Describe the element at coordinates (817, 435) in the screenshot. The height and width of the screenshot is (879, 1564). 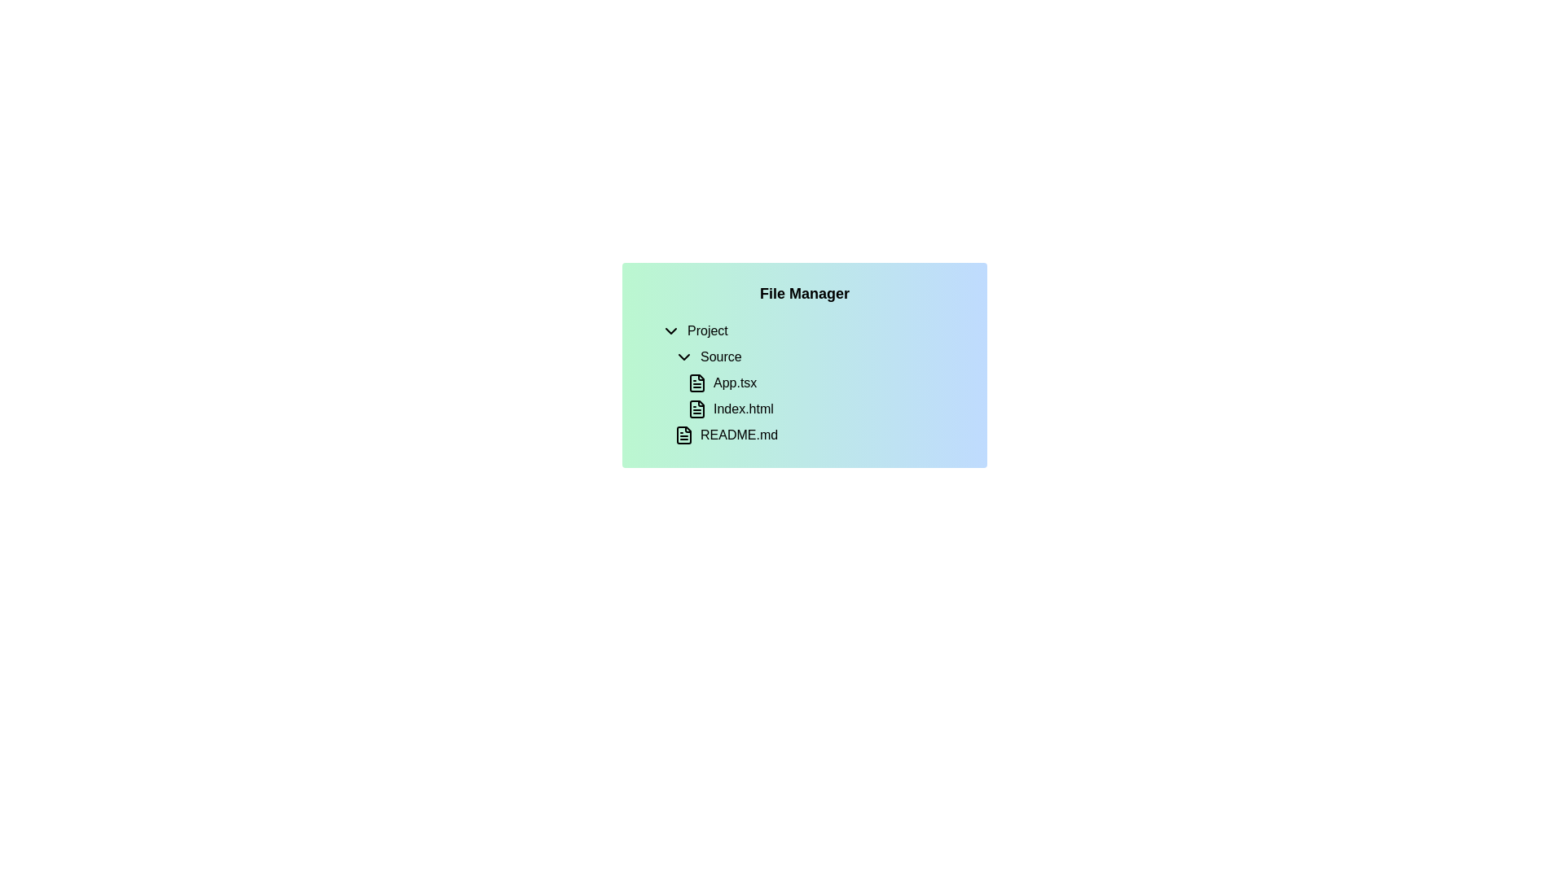
I see `the 'README.md' file list item in the file manager UI` at that location.